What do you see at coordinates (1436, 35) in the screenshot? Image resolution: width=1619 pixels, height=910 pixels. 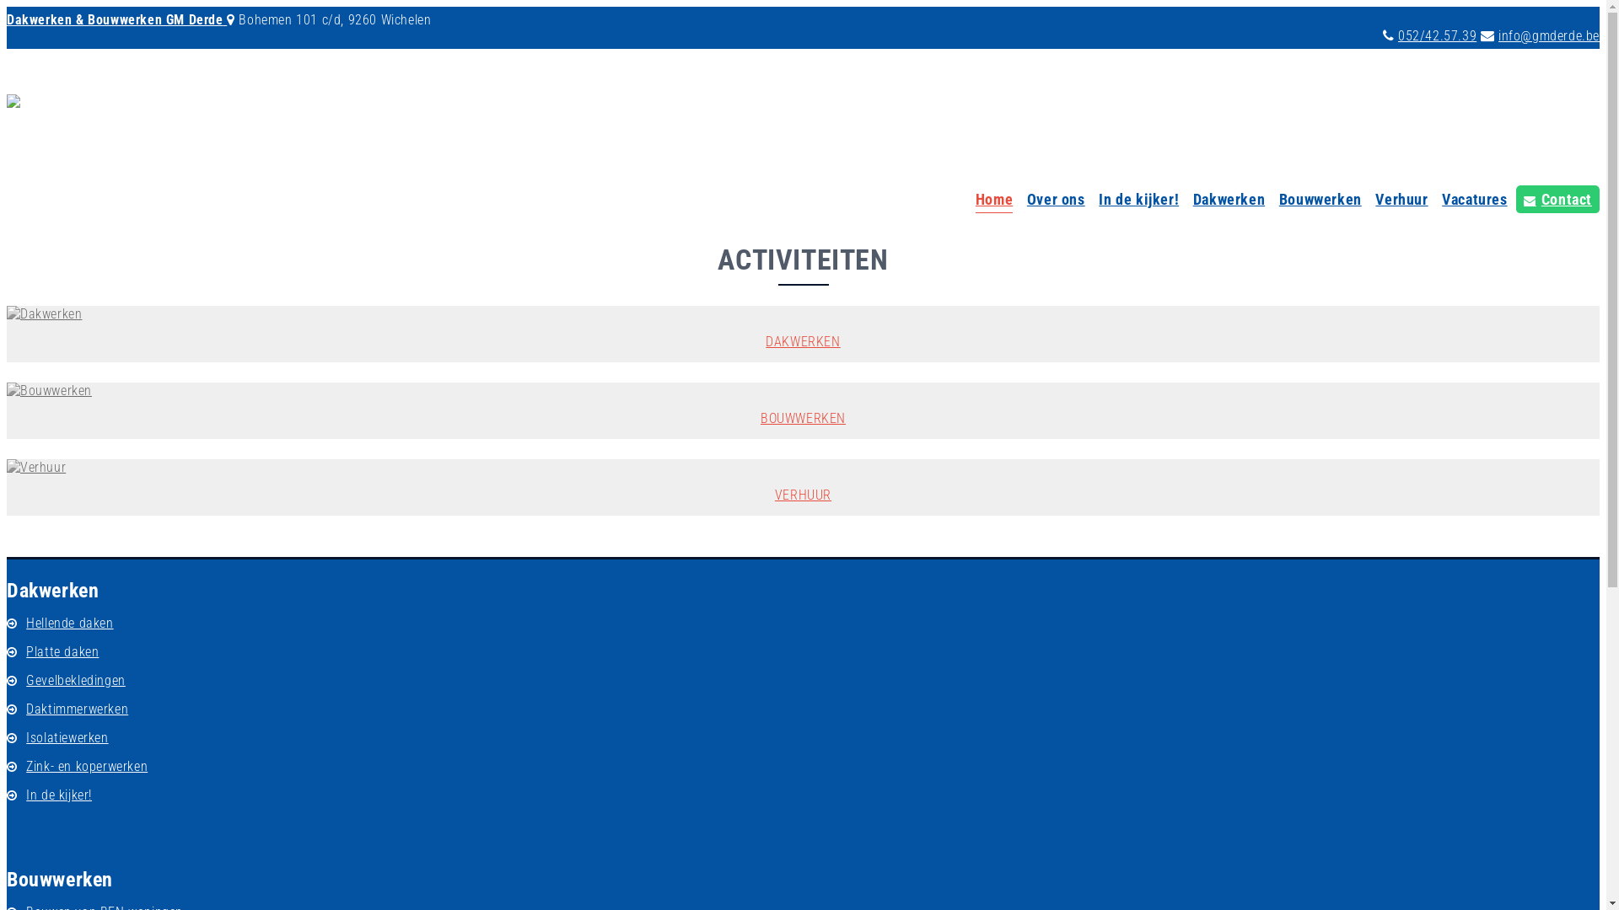 I see `'052/42.57.39'` at bounding box center [1436, 35].